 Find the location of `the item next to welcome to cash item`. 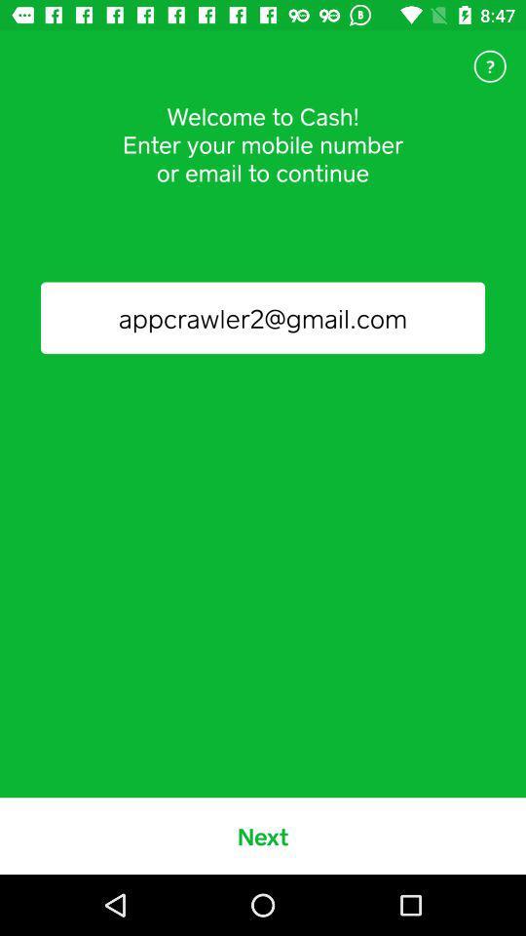

the item next to welcome to cash item is located at coordinates (489, 66).